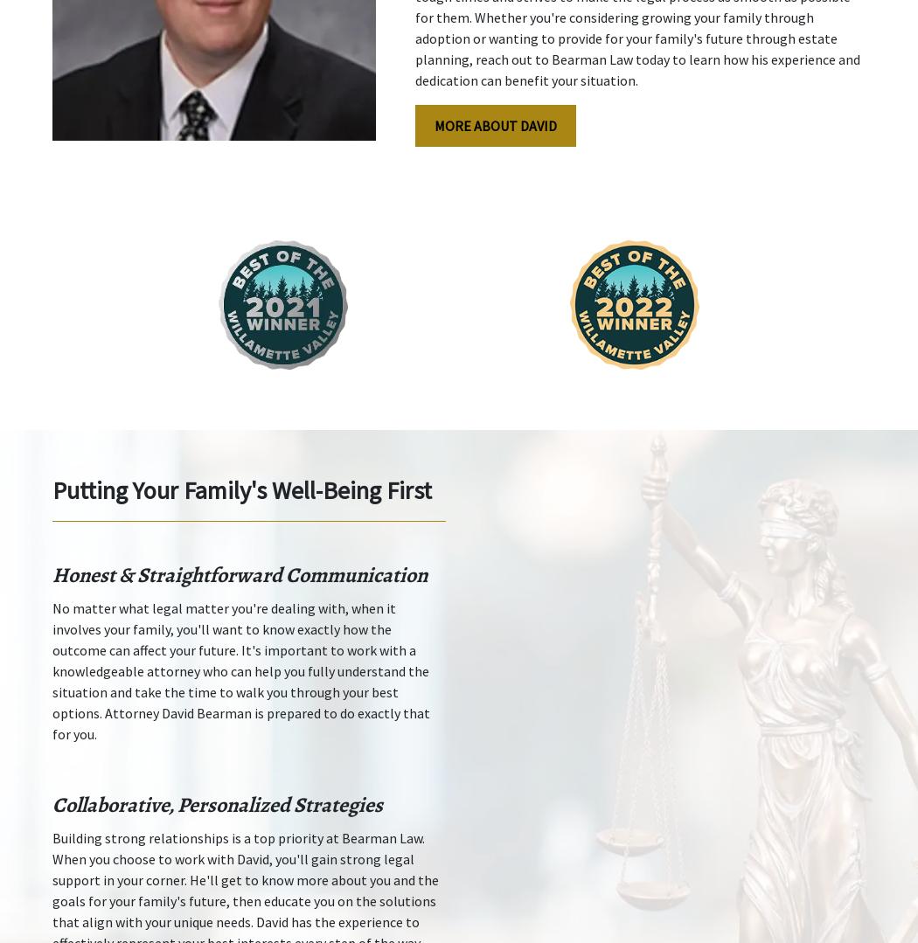  What do you see at coordinates (249, 133) in the screenshot?
I see `'388 State St'` at bounding box center [249, 133].